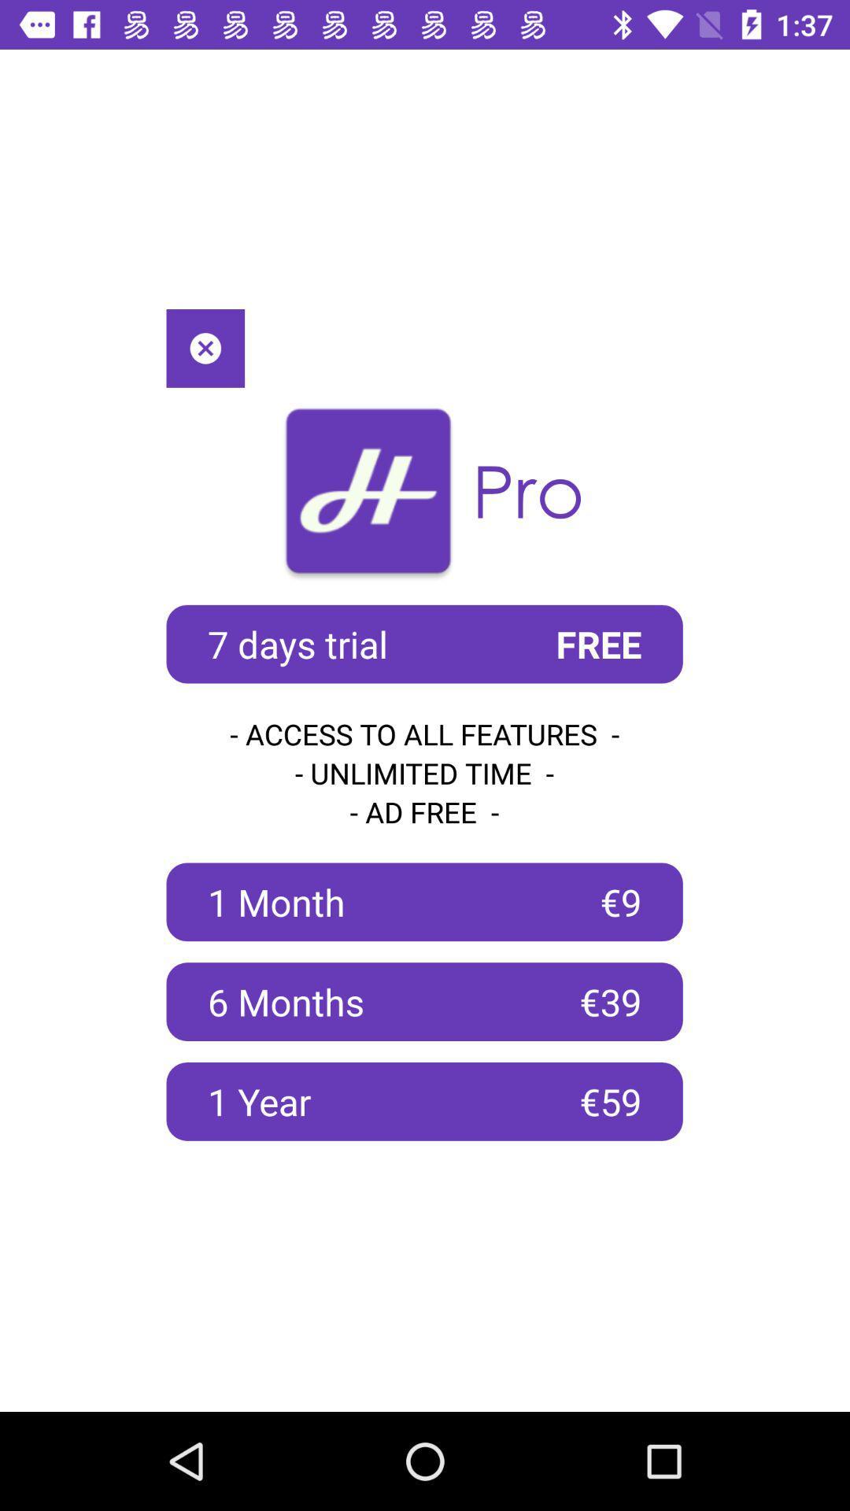 This screenshot has height=1511, width=850. Describe the element at coordinates (205, 347) in the screenshot. I see `exit to the previous screen` at that location.